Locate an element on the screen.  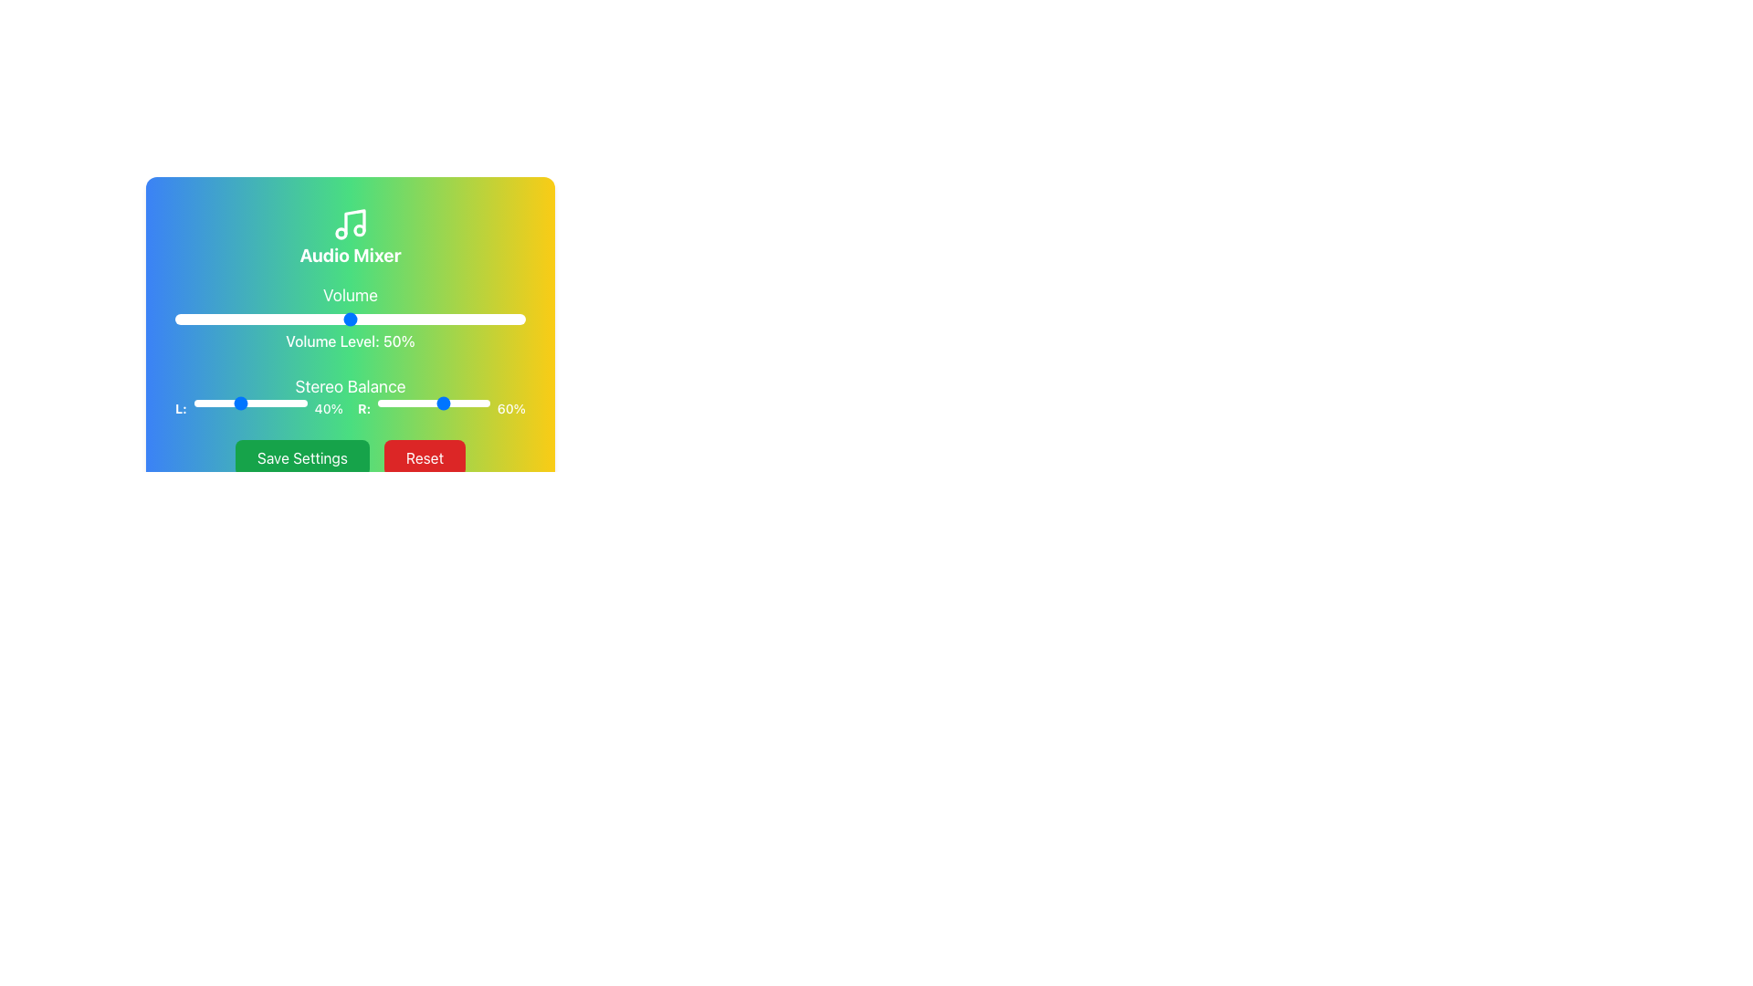
the volume is located at coordinates (388, 319).